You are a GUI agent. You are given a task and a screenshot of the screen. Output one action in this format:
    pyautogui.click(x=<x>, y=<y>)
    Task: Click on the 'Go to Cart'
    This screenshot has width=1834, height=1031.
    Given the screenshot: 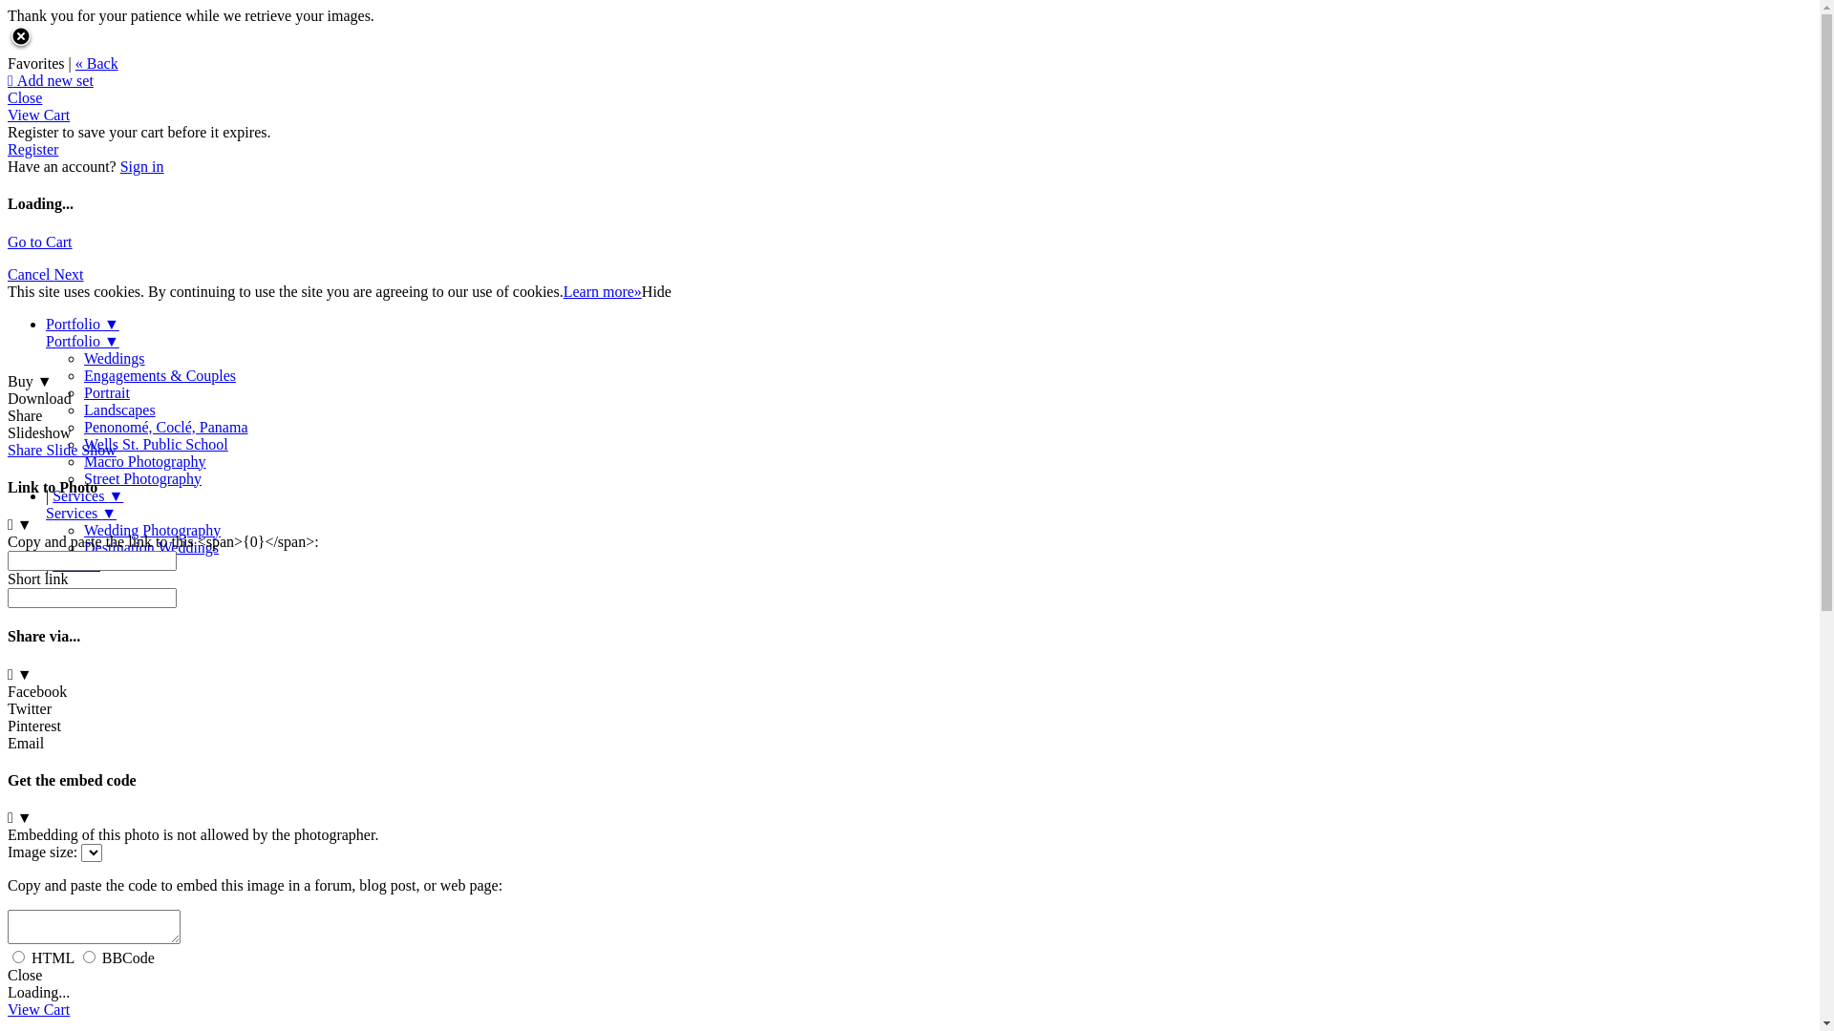 What is the action you would take?
    pyautogui.click(x=40, y=241)
    